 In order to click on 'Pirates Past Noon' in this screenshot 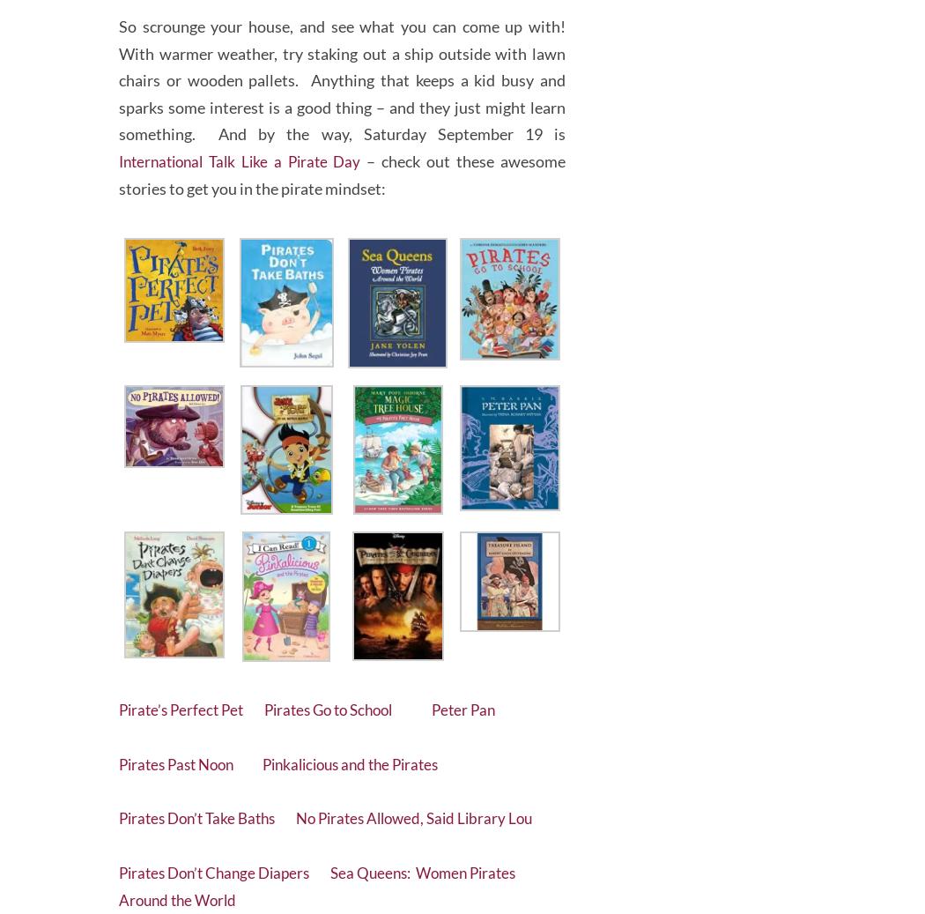, I will do `click(194, 757)`.